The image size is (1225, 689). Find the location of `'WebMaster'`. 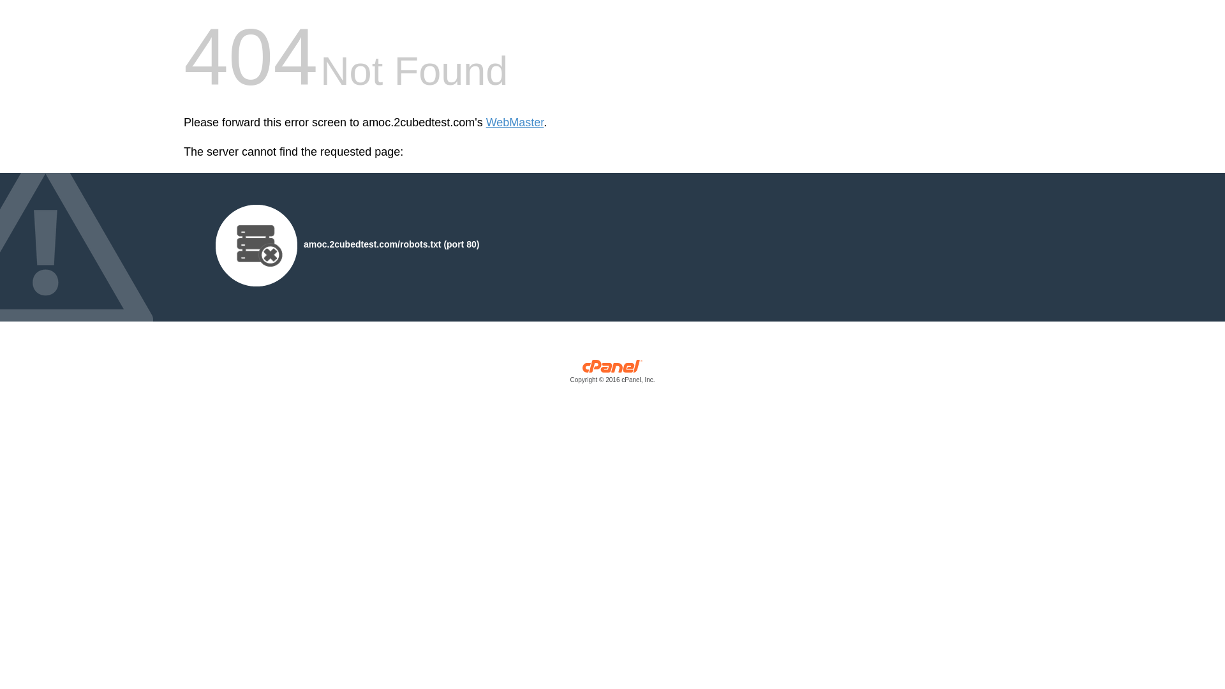

'WebMaster' is located at coordinates (486, 122).